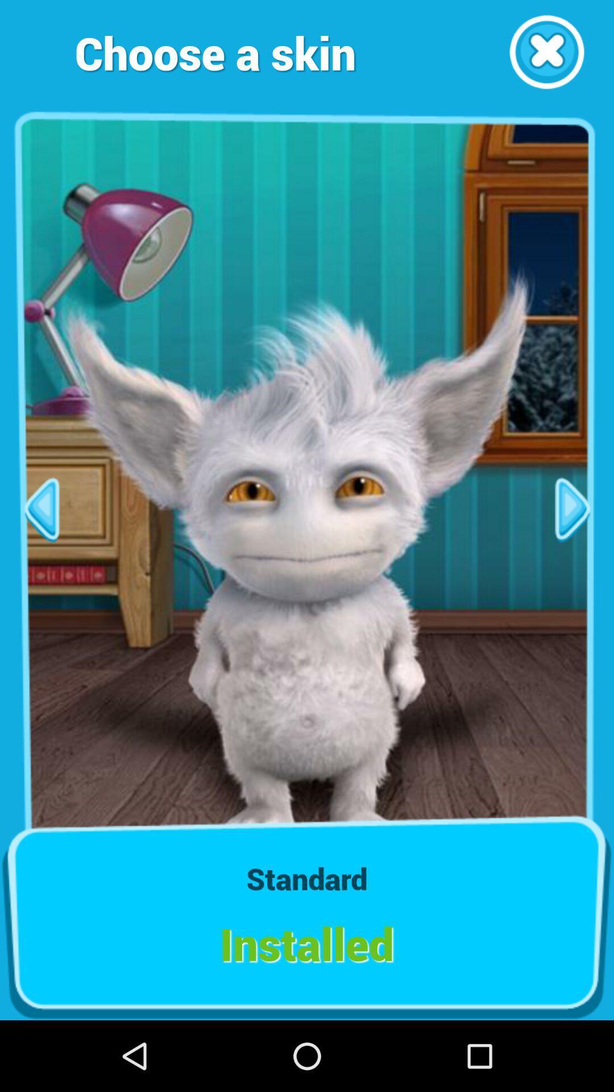 This screenshot has width=614, height=1092. What do you see at coordinates (546, 55) in the screenshot?
I see `the close icon` at bounding box center [546, 55].